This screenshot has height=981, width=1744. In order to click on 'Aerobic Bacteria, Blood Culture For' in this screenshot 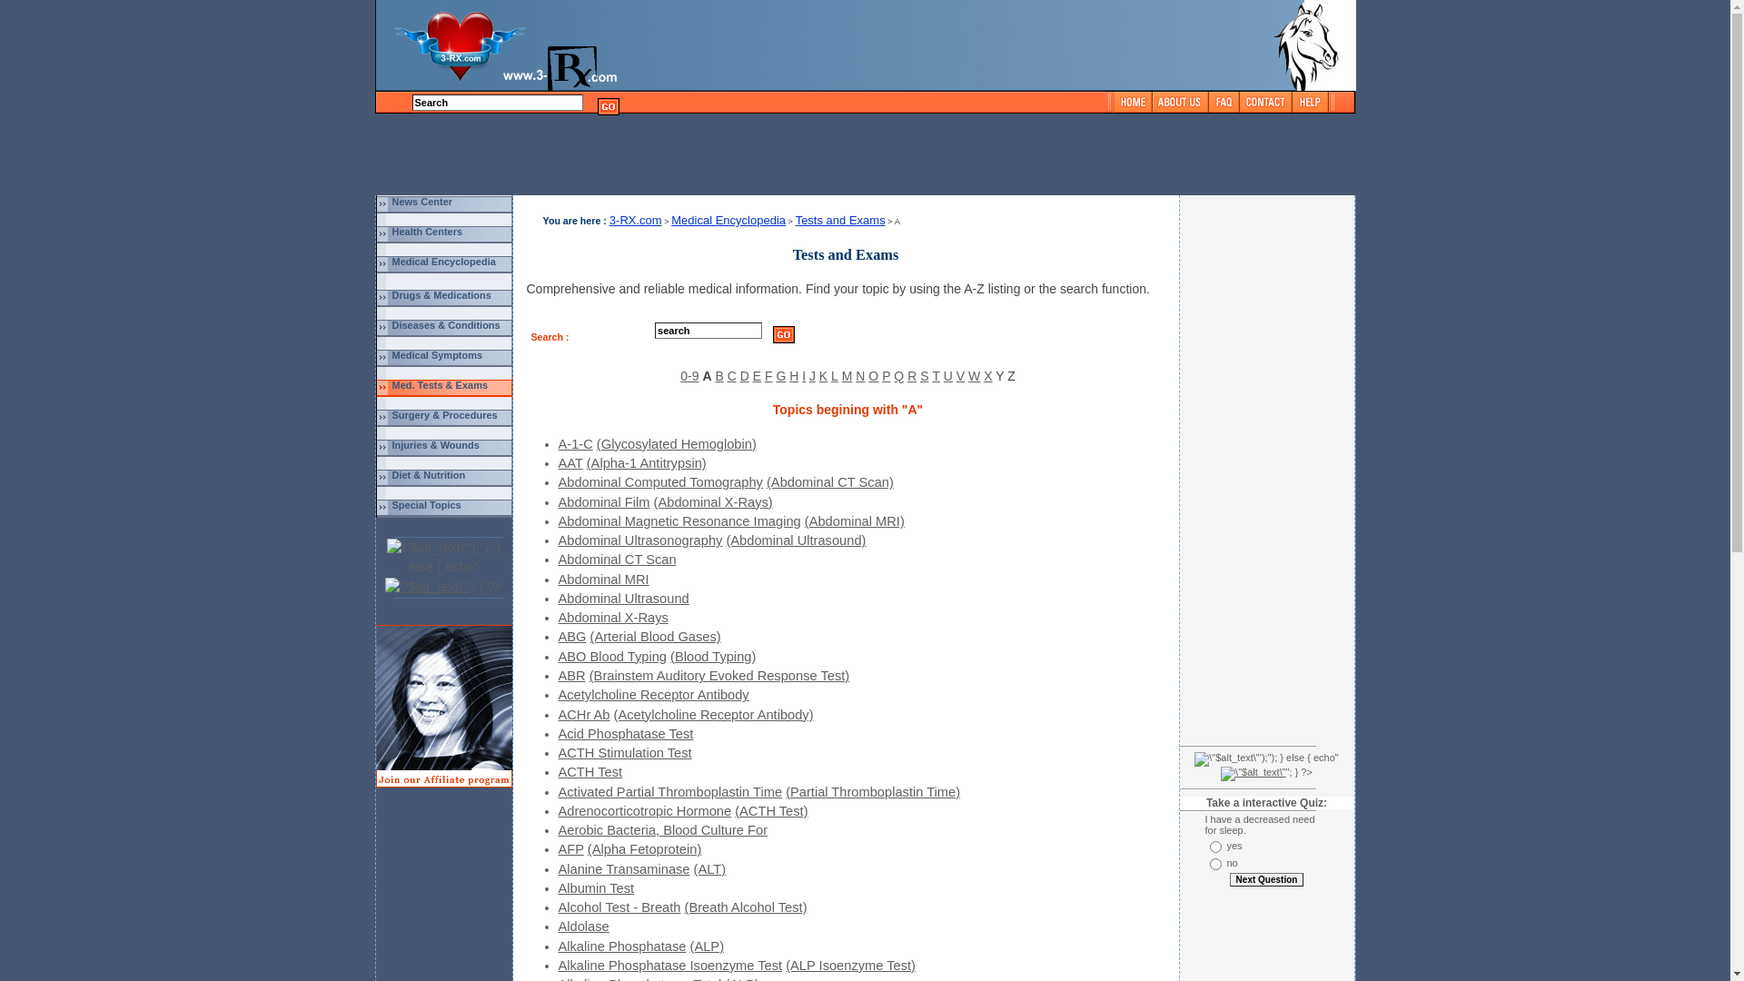, I will do `click(661, 830)`.